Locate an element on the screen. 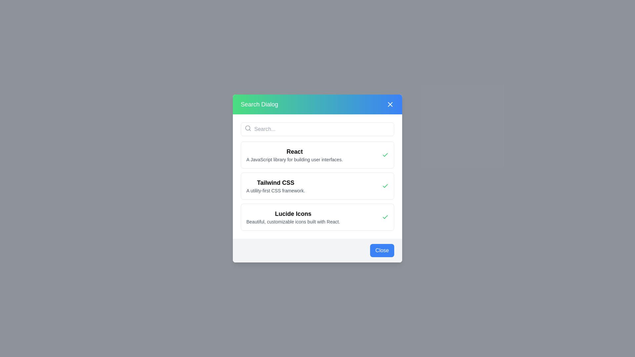 Image resolution: width=635 pixels, height=357 pixels. the static text header that serves as a title for the listed item in the search dialog interface, positioned at the upper part of a two-text pair is located at coordinates (293, 214).